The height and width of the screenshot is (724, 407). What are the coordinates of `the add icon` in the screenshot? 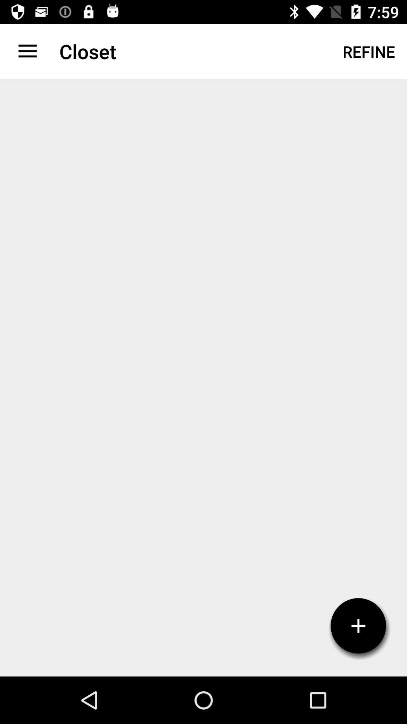 It's located at (358, 626).